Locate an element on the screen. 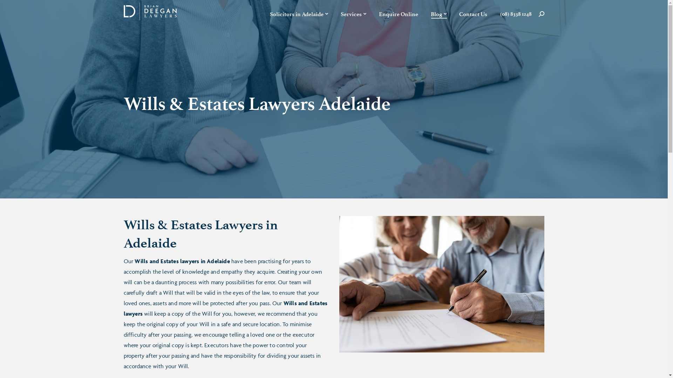 This screenshot has height=378, width=673. 'Go!' is located at coordinates (15, 8).